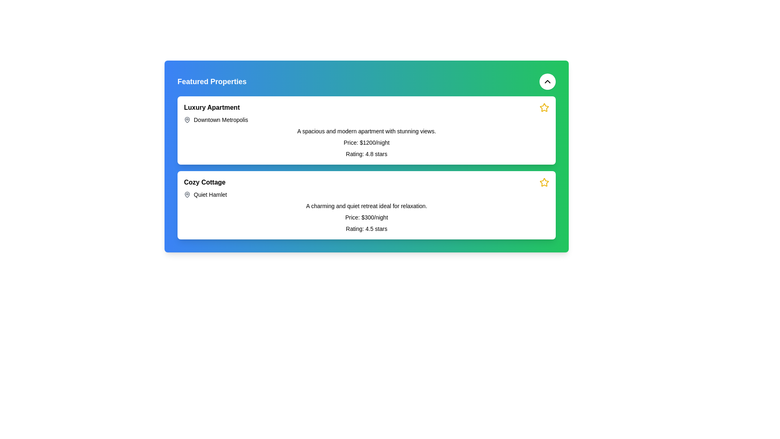 This screenshot has width=780, height=439. I want to click on the button located at the top-right corner of the 'Featured Properties' section, so click(548, 81).